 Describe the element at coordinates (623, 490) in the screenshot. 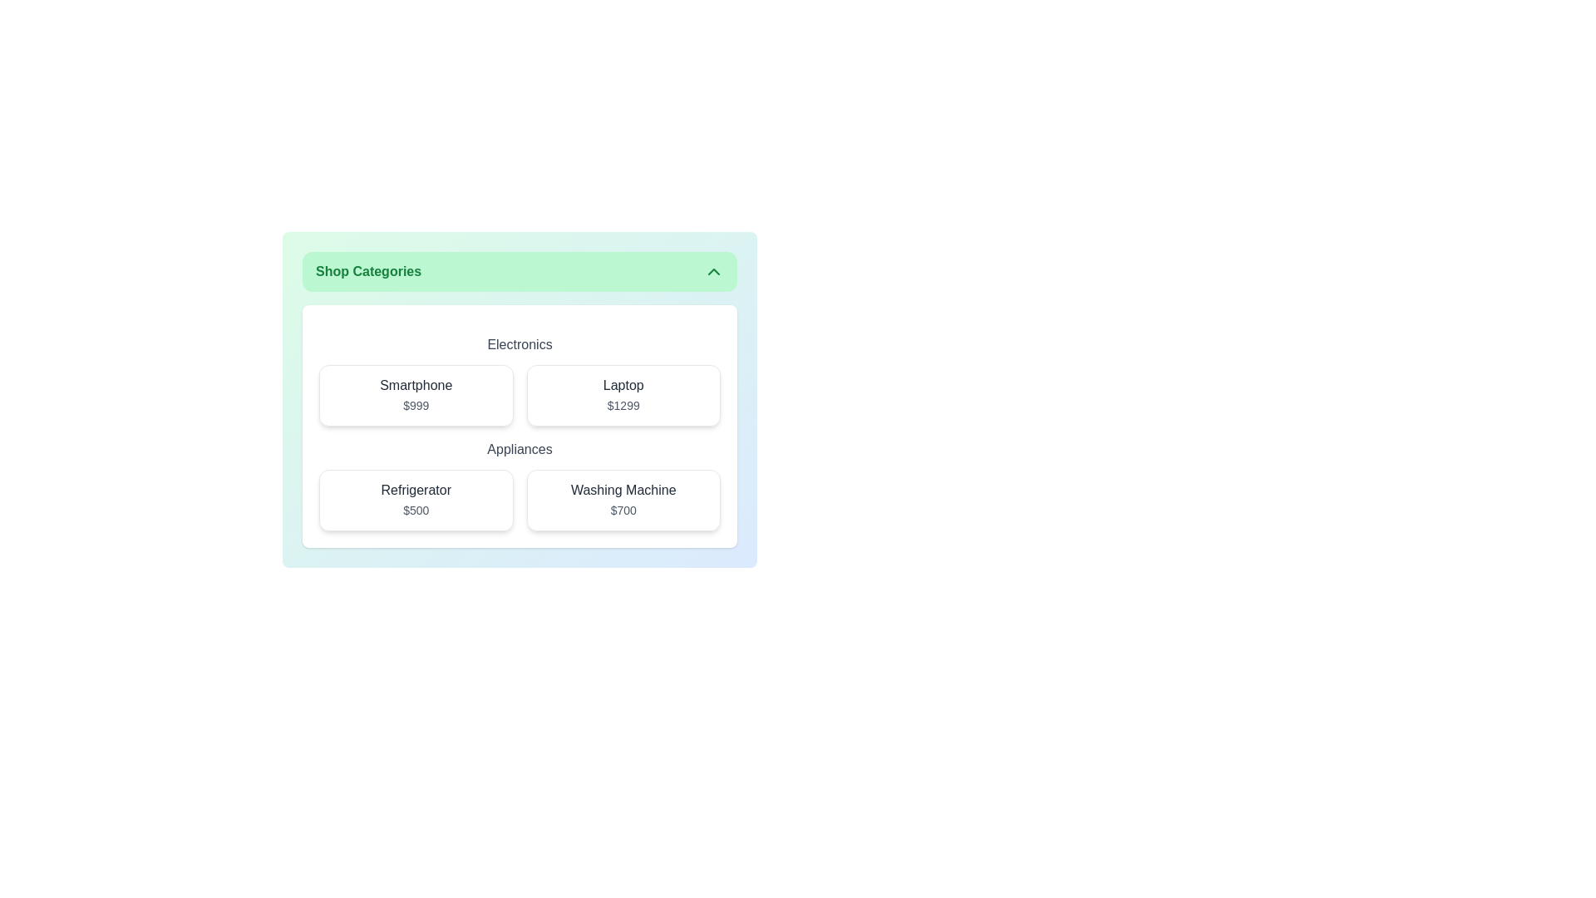

I see `the Text Label for 'Washing Machine' located in the second row of the 'Appliances' section in the grid layout` at that location.